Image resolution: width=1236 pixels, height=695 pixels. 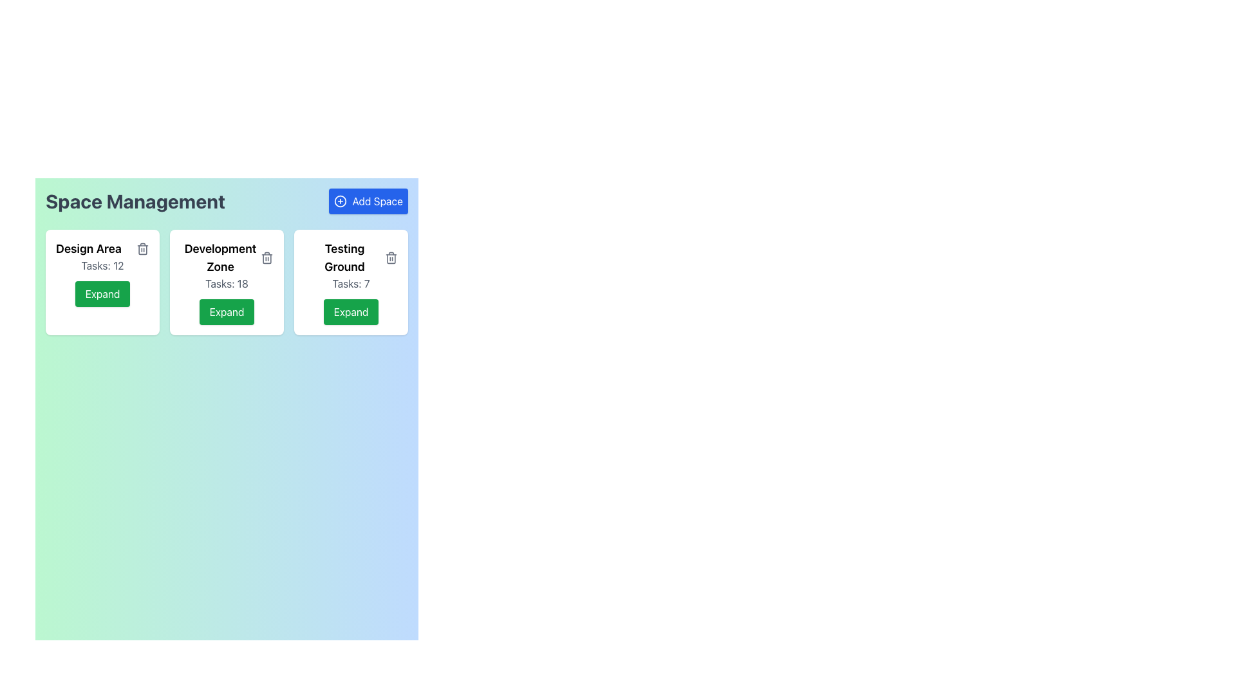 I want to click on the Button in the 'Development Zone' card located below the text 'Tasks: 18', so click(x=227, y=312).